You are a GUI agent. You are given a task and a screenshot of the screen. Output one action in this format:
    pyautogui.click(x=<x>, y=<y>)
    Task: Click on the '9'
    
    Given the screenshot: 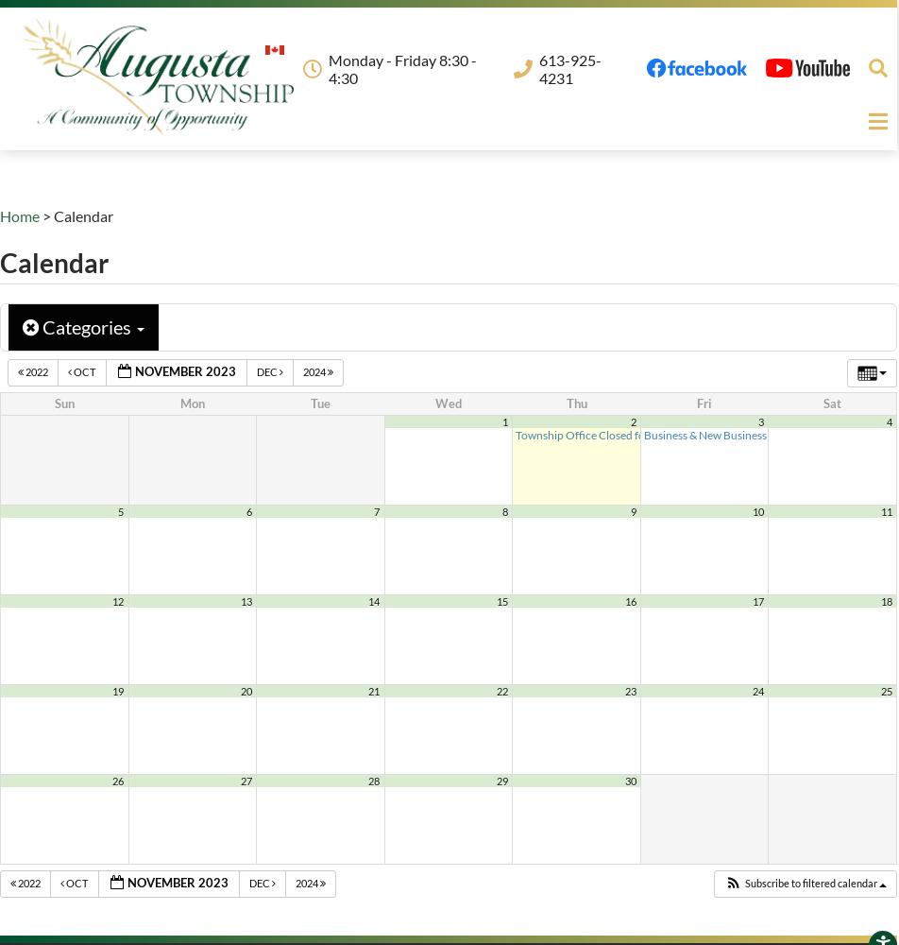 What is the action you would take?
    pyautogui.click(x=633, y=511)
    